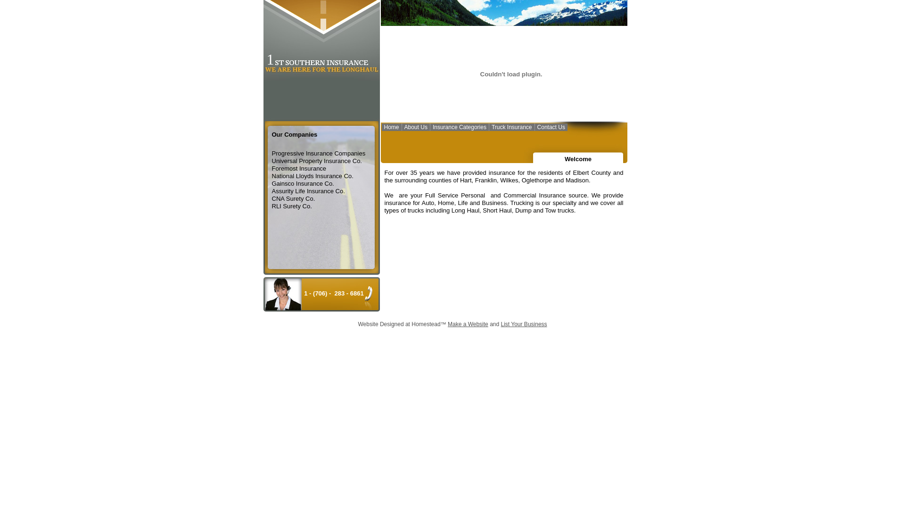 Image resolution: width=905 pixels, height=509 pixels. Describe the element at coordinates (447, 323) in the screenshot. I see `'Make a Website'` at that location.